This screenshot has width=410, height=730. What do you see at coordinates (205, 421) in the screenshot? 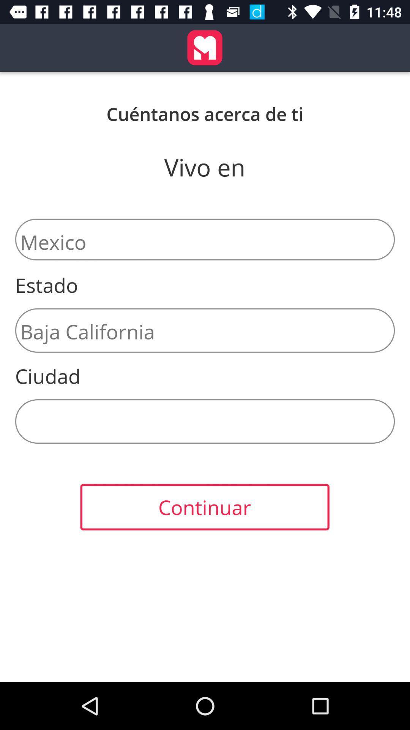
I see `the item above continuar icon` at bounding box center [205, 421].